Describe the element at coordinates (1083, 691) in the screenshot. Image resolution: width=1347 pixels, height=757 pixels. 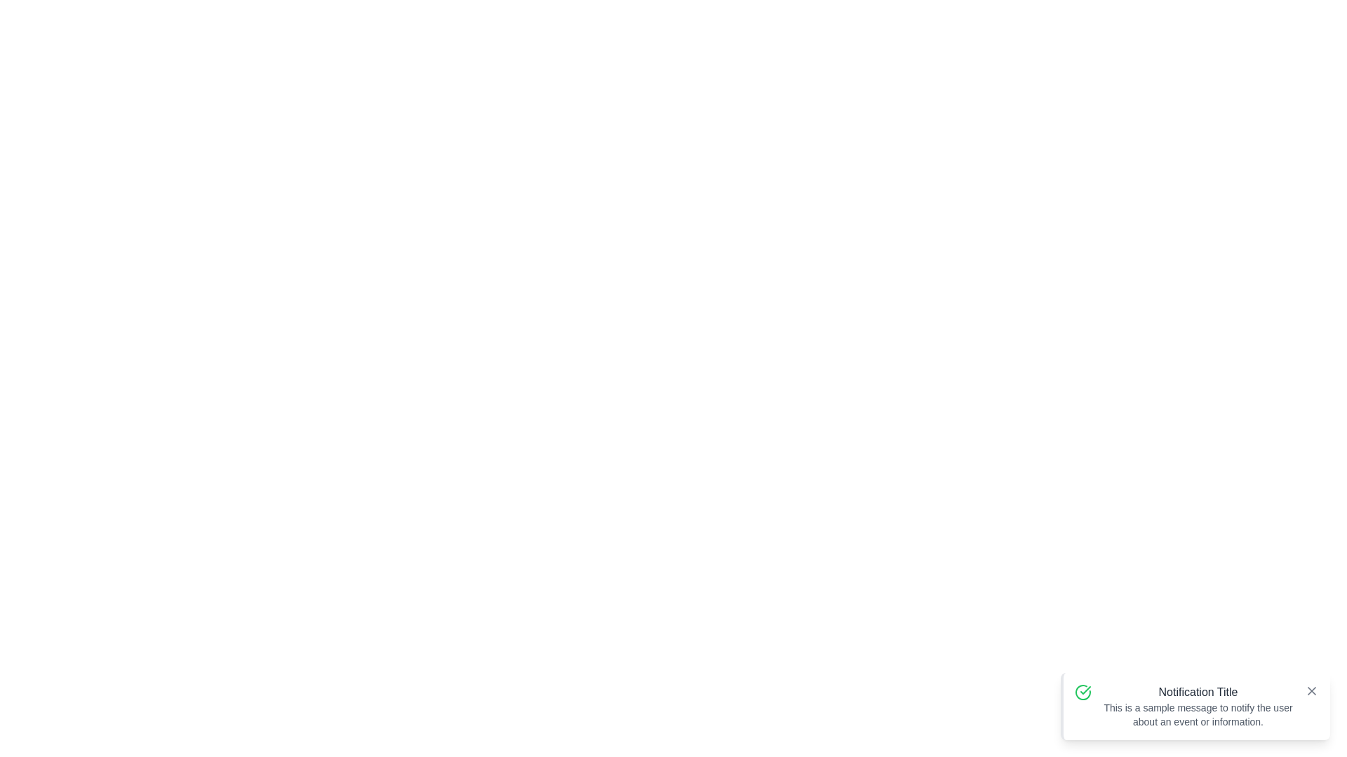
I see `the notification icon to focus on it for better observation` at that location.